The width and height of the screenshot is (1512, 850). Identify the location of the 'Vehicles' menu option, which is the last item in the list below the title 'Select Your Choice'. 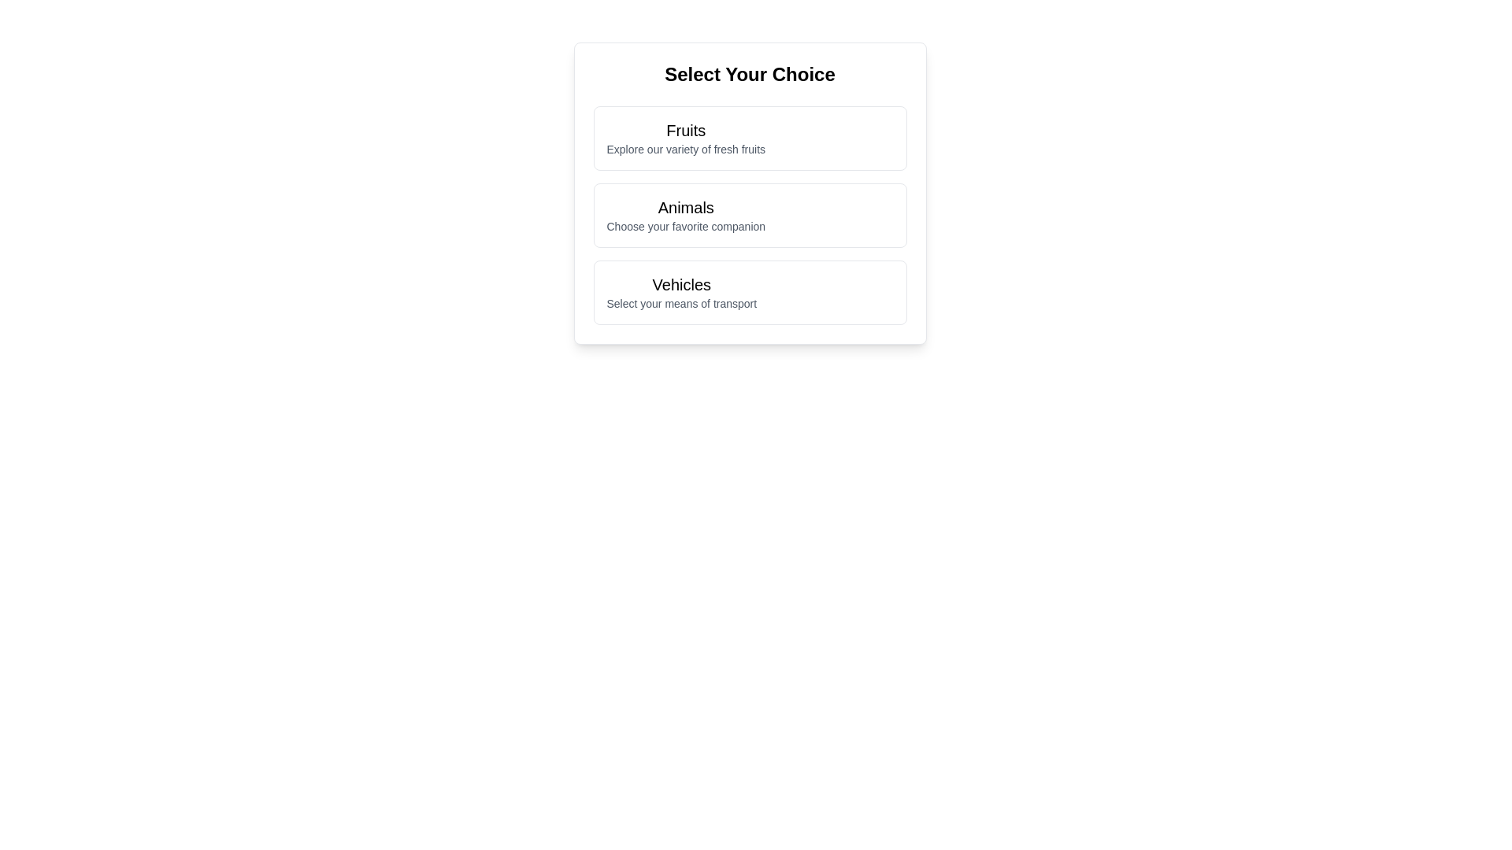
(681, 292).